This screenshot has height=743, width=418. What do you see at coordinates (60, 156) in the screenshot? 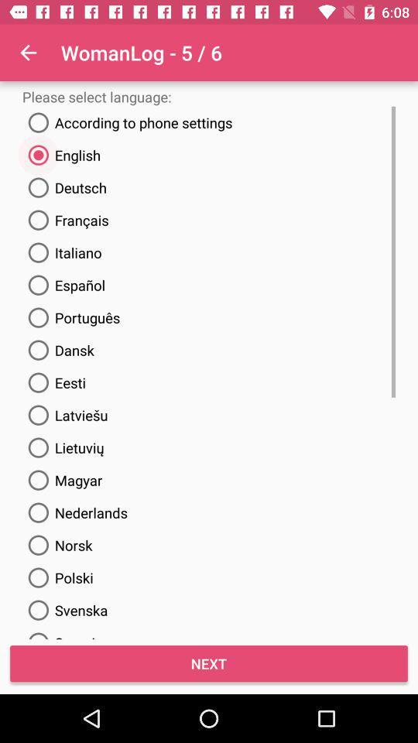
I see `the option english on the web page` at bounding box center [60, 156].